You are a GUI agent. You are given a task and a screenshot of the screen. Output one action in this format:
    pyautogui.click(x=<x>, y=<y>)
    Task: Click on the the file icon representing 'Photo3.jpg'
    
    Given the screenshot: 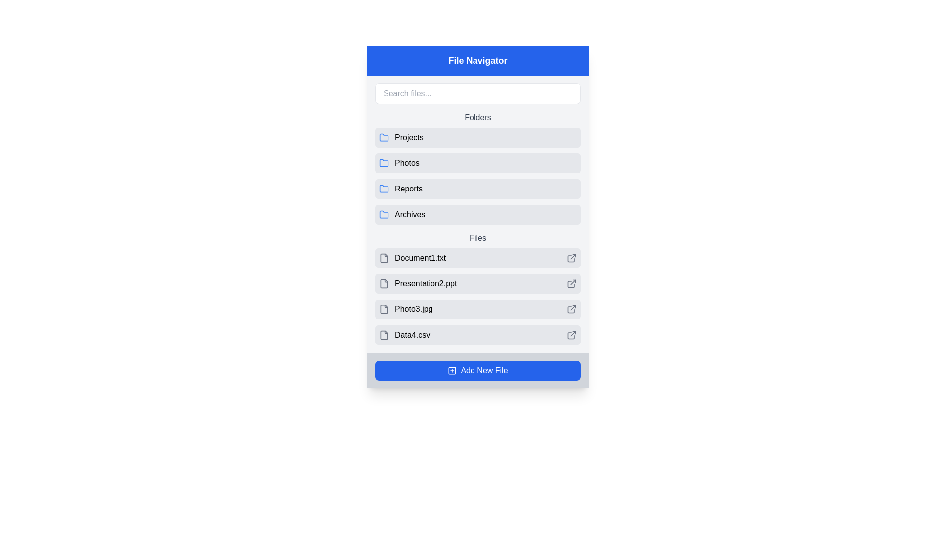 What is the action you would take?
    pyautogui.click(x=384, y=309)
    